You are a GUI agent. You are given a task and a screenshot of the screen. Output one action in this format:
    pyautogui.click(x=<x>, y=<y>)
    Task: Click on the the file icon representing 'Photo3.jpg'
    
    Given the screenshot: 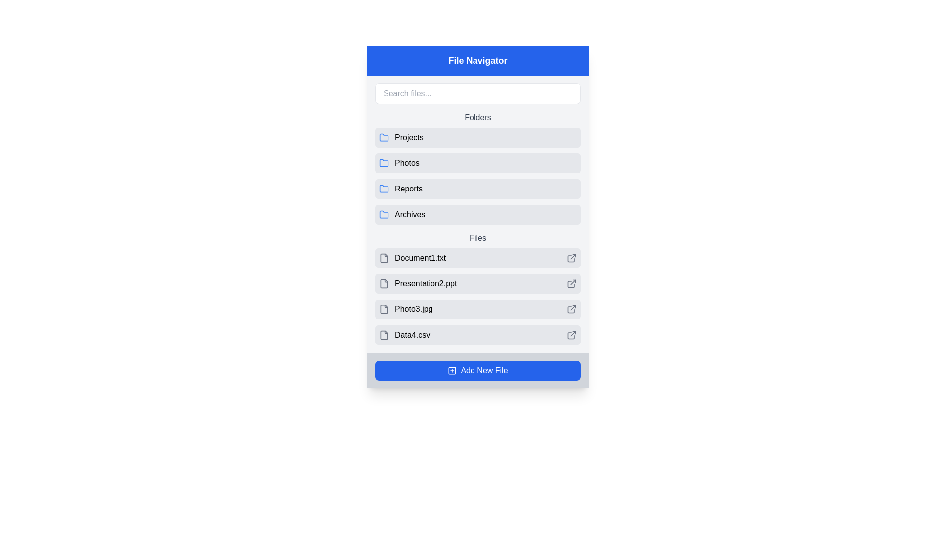 What is the action you would take?
    pyautogui.click(x=384, y=309)
    